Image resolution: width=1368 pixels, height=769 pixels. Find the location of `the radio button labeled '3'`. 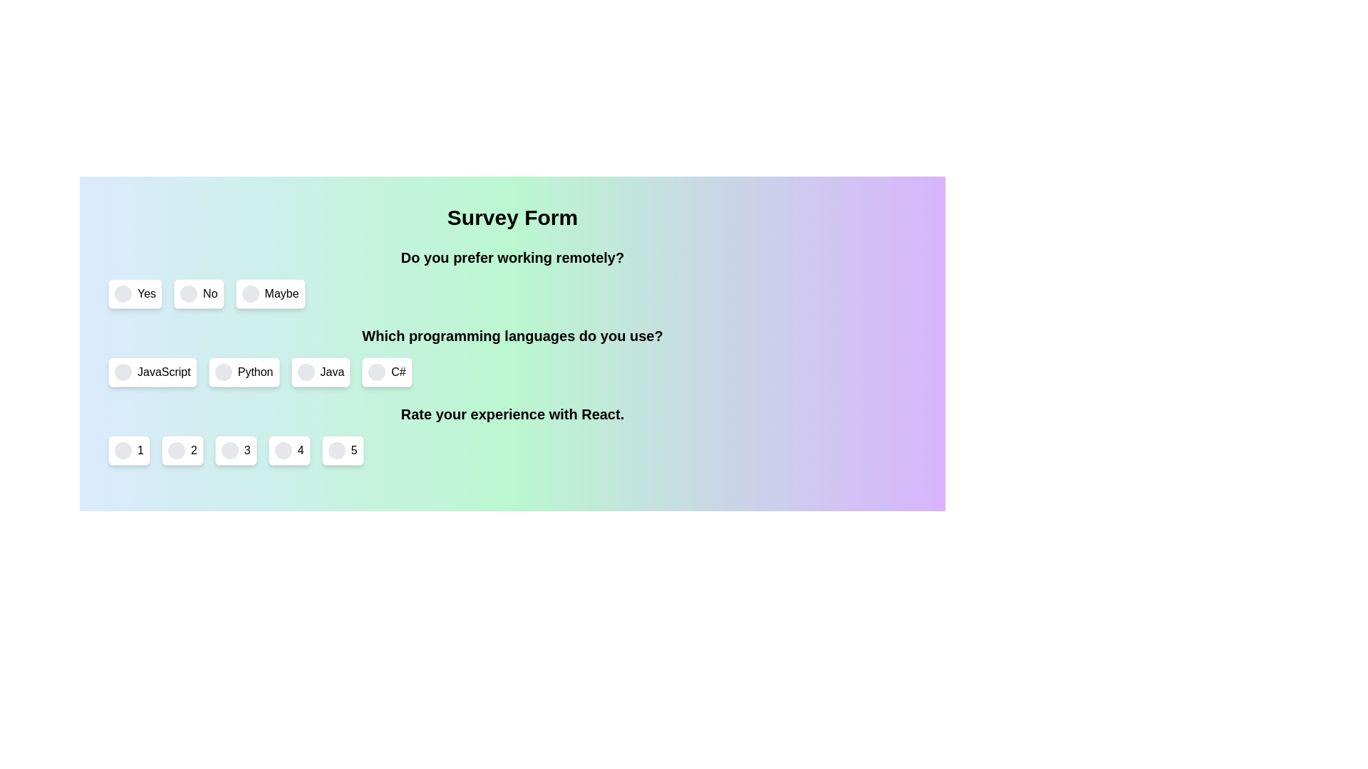

the radio button labeled '3' is located at coordinates (236, 450).